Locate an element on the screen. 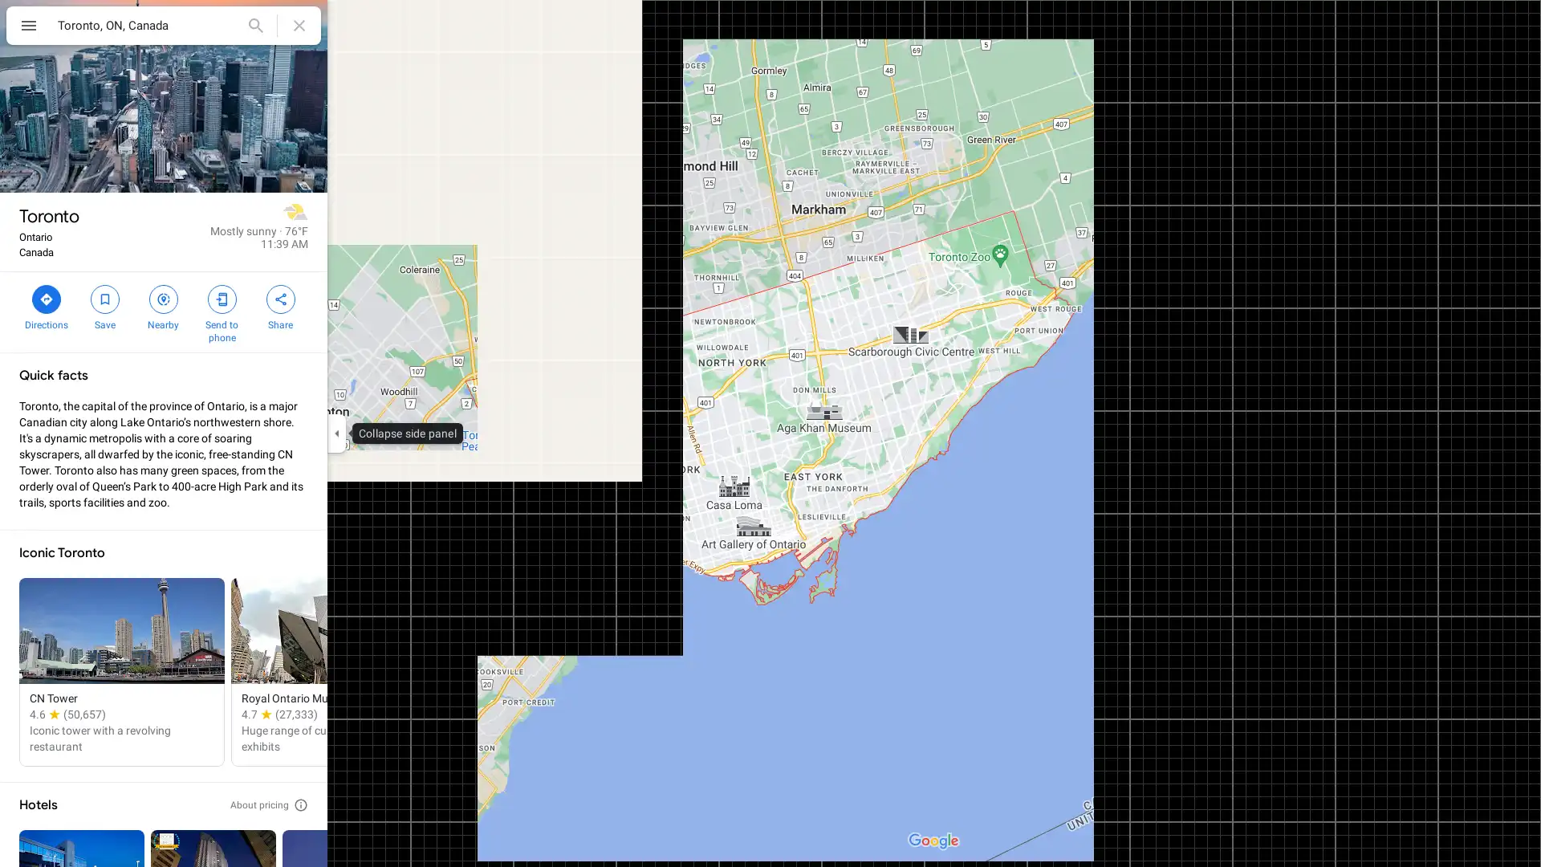  Search nearby Toronto is located at coordinates (163, 306).